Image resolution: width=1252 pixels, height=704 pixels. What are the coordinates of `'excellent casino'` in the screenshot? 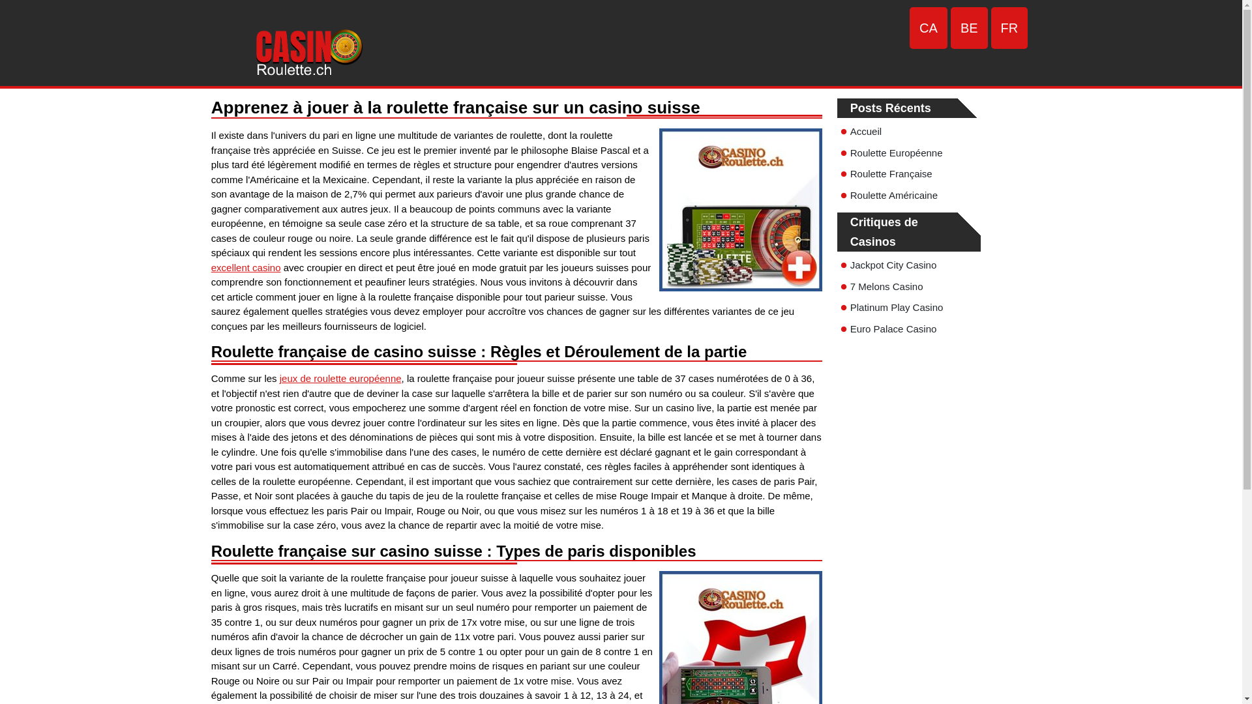 It's located at (246, 267).